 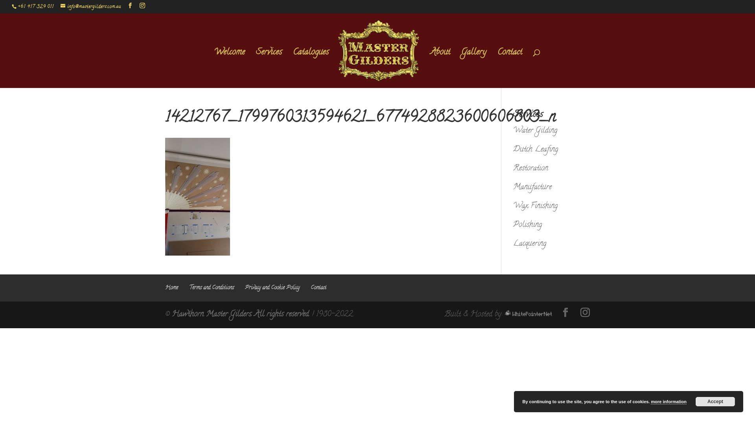 What do you see at coordinates (269, 68) in the screenshot?
I see `'Services'` at bounding box center [269, 68].